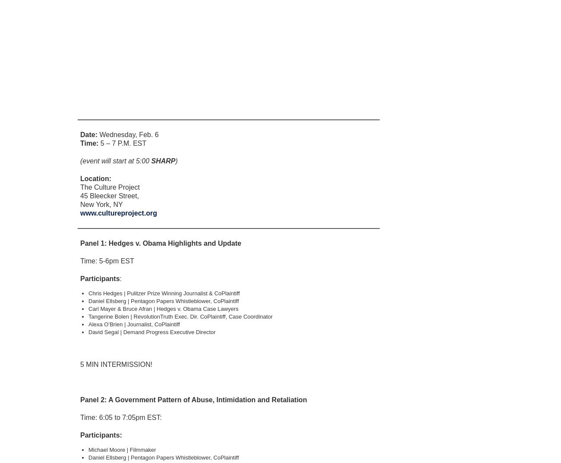  Describe the element at coordinates (109, 195) in the screenshot. I see `'45 Bleecker Street,'` at that location.